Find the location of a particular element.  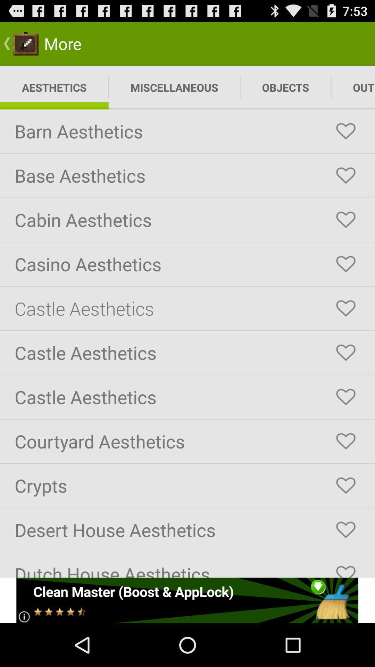

favorite is located at coordinates (345, 131).